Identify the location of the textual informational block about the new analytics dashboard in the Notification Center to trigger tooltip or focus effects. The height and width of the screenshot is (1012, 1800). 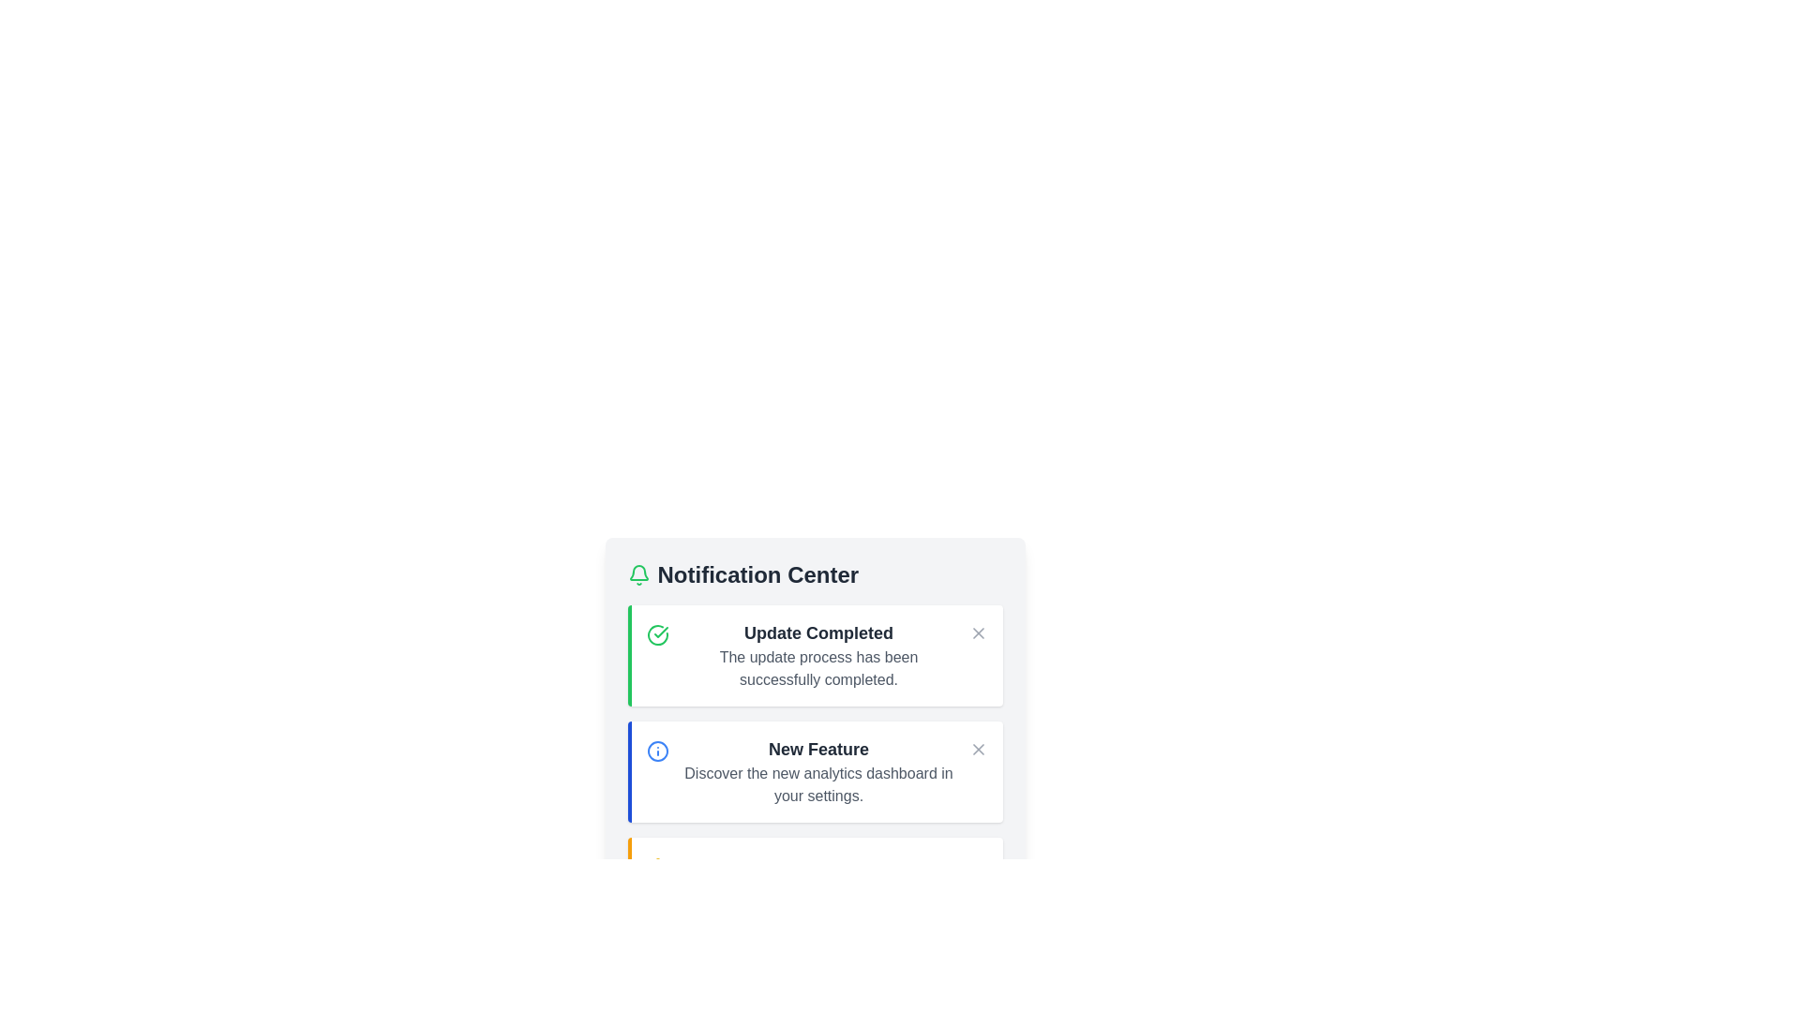
(818, 772).